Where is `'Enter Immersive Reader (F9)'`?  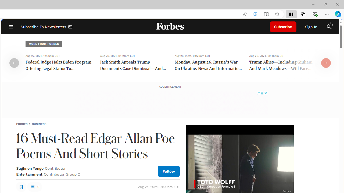
'Enter Immersive Reader (F9)' is located at coordinates (266, 14).